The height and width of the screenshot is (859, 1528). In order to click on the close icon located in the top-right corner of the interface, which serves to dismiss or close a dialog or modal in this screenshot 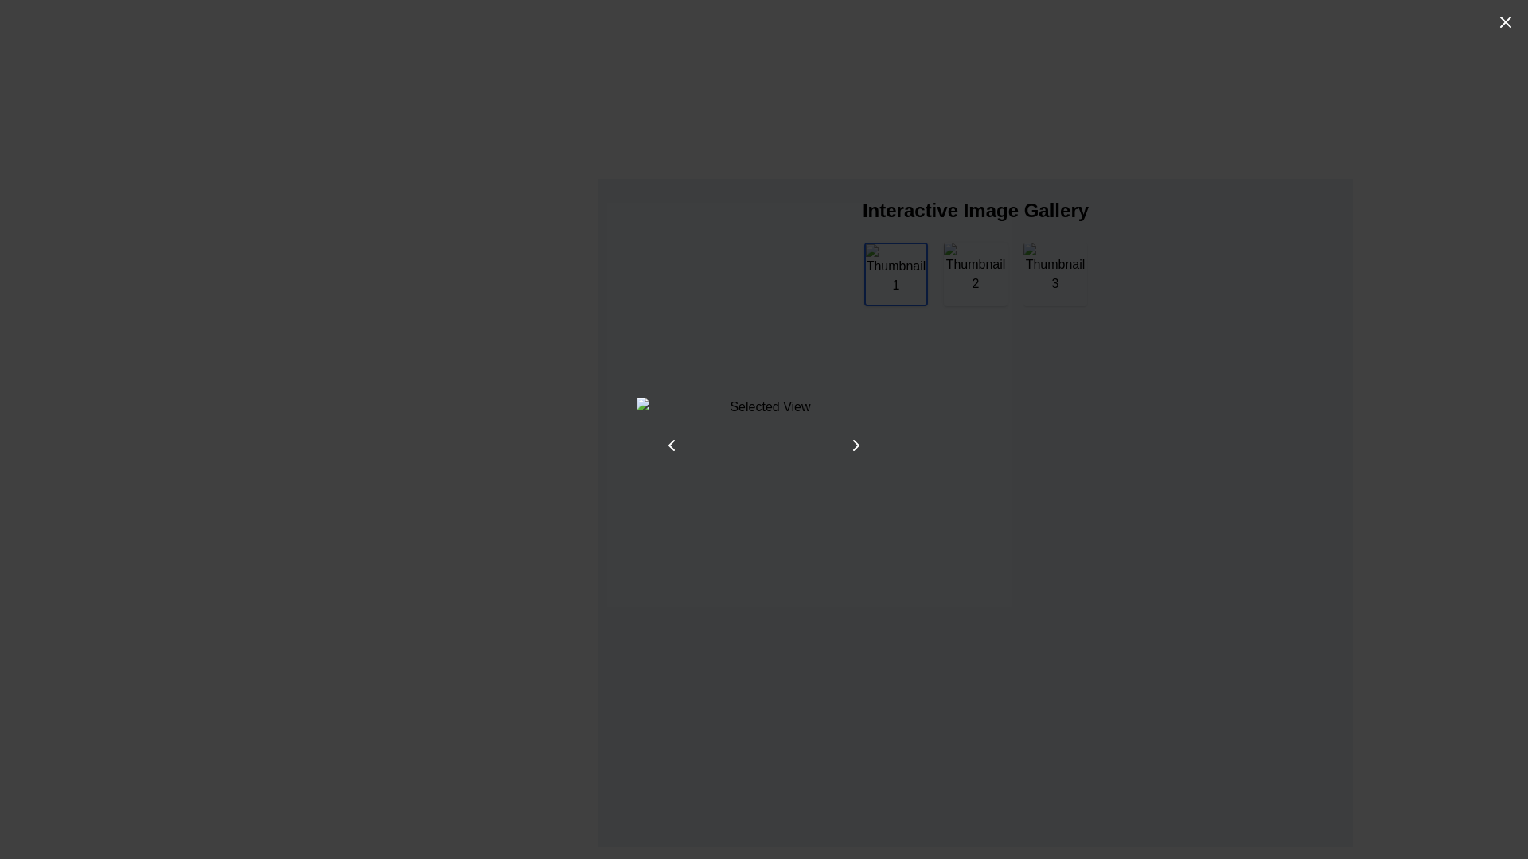, I will do `click(1504, 21)`.